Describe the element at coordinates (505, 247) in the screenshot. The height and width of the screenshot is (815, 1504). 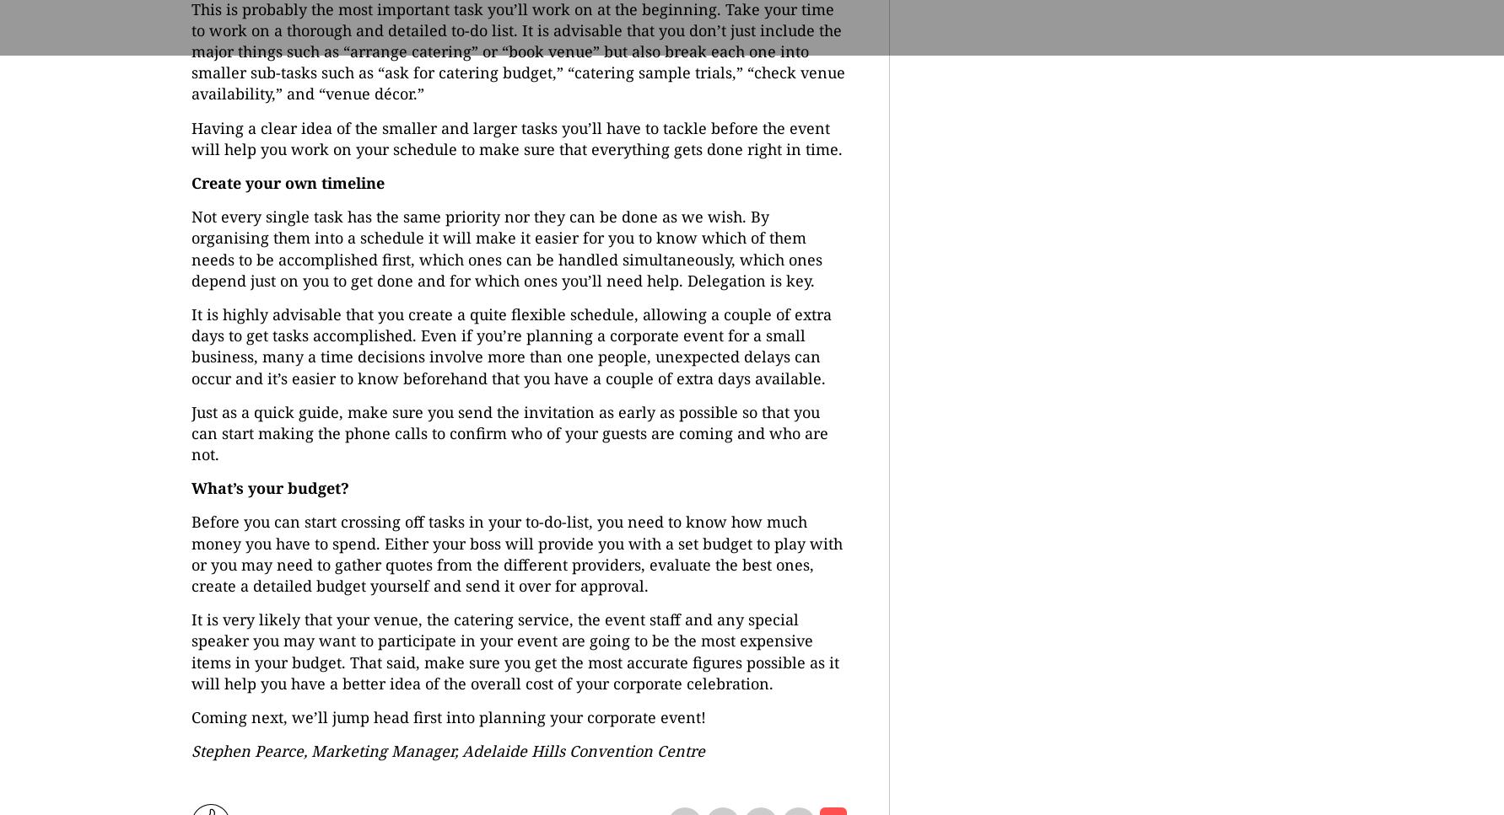
I see `'Not every single task has the same priority nor they can be done as we wish. By organising them into a schedule it will make it easier for you to know which of them needs to be accomplished first, which ones can be handled simultaneously, which ones depend just on you to get done and for which ones you’ll need help. Delegation is key.'` at that location.